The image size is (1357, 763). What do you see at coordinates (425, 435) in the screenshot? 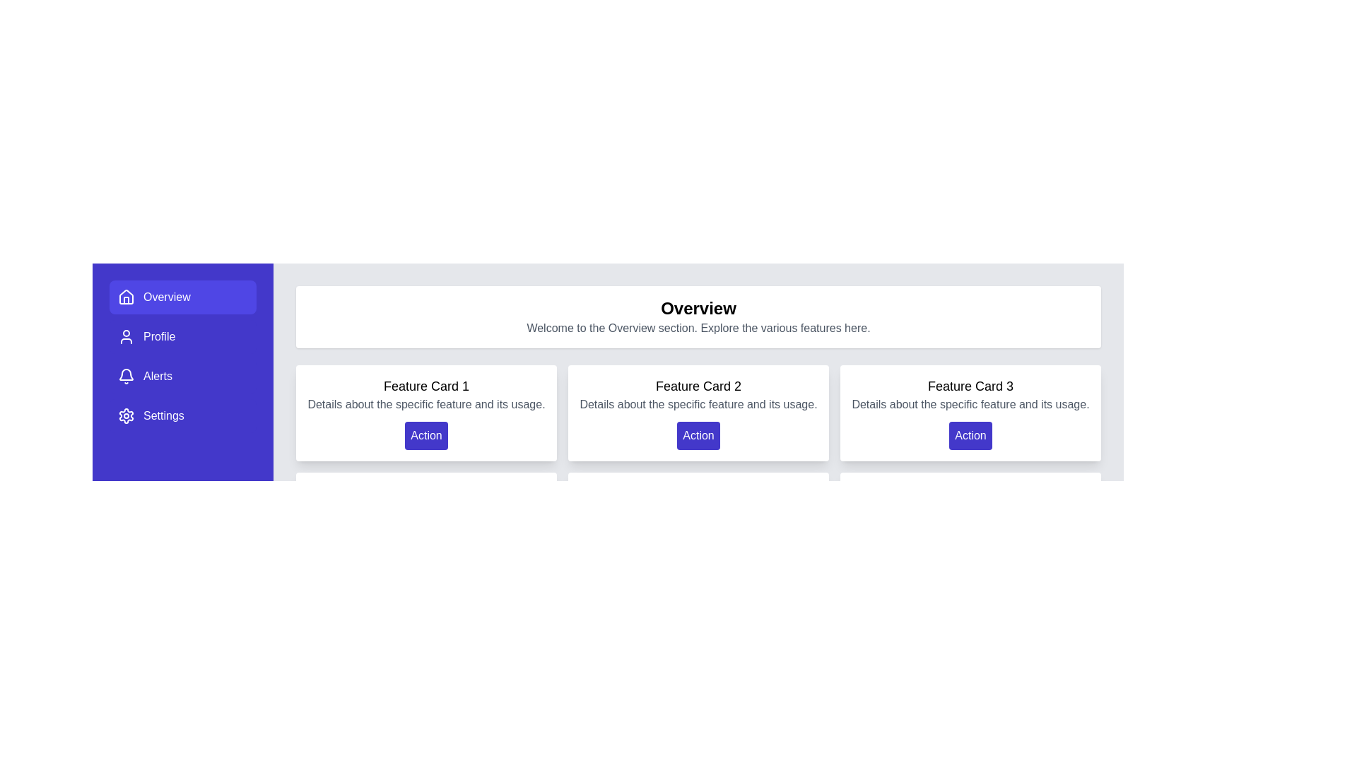
I see `the button located in the lower part of 'Feature Card 1'` at bounding box center [425, 435].